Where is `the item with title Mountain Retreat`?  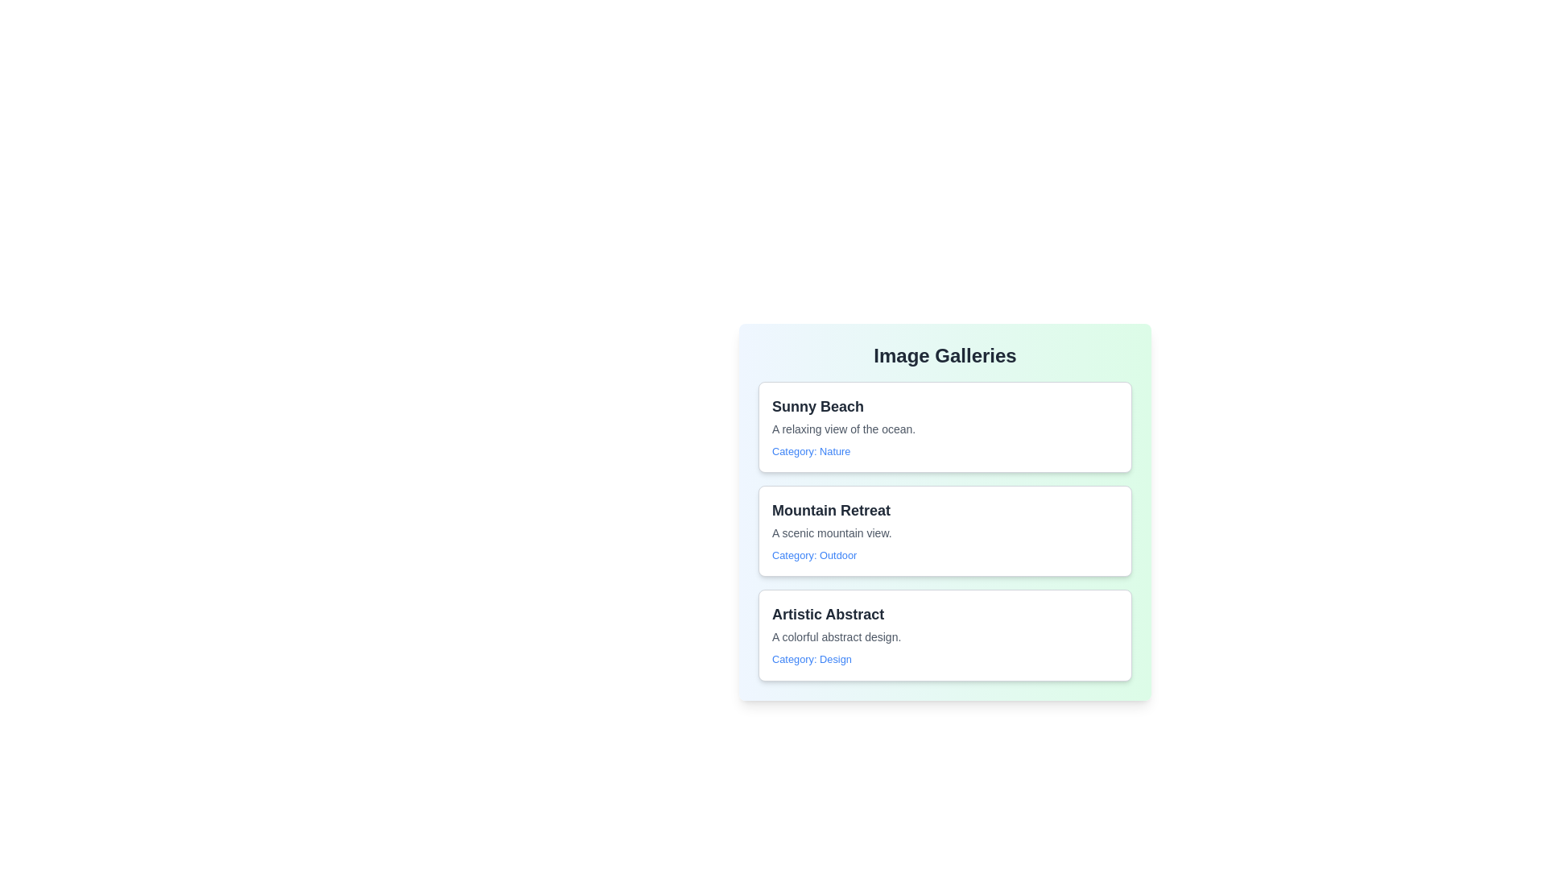
the item with title Mountain Retreat is located at coordinates (945, 531).